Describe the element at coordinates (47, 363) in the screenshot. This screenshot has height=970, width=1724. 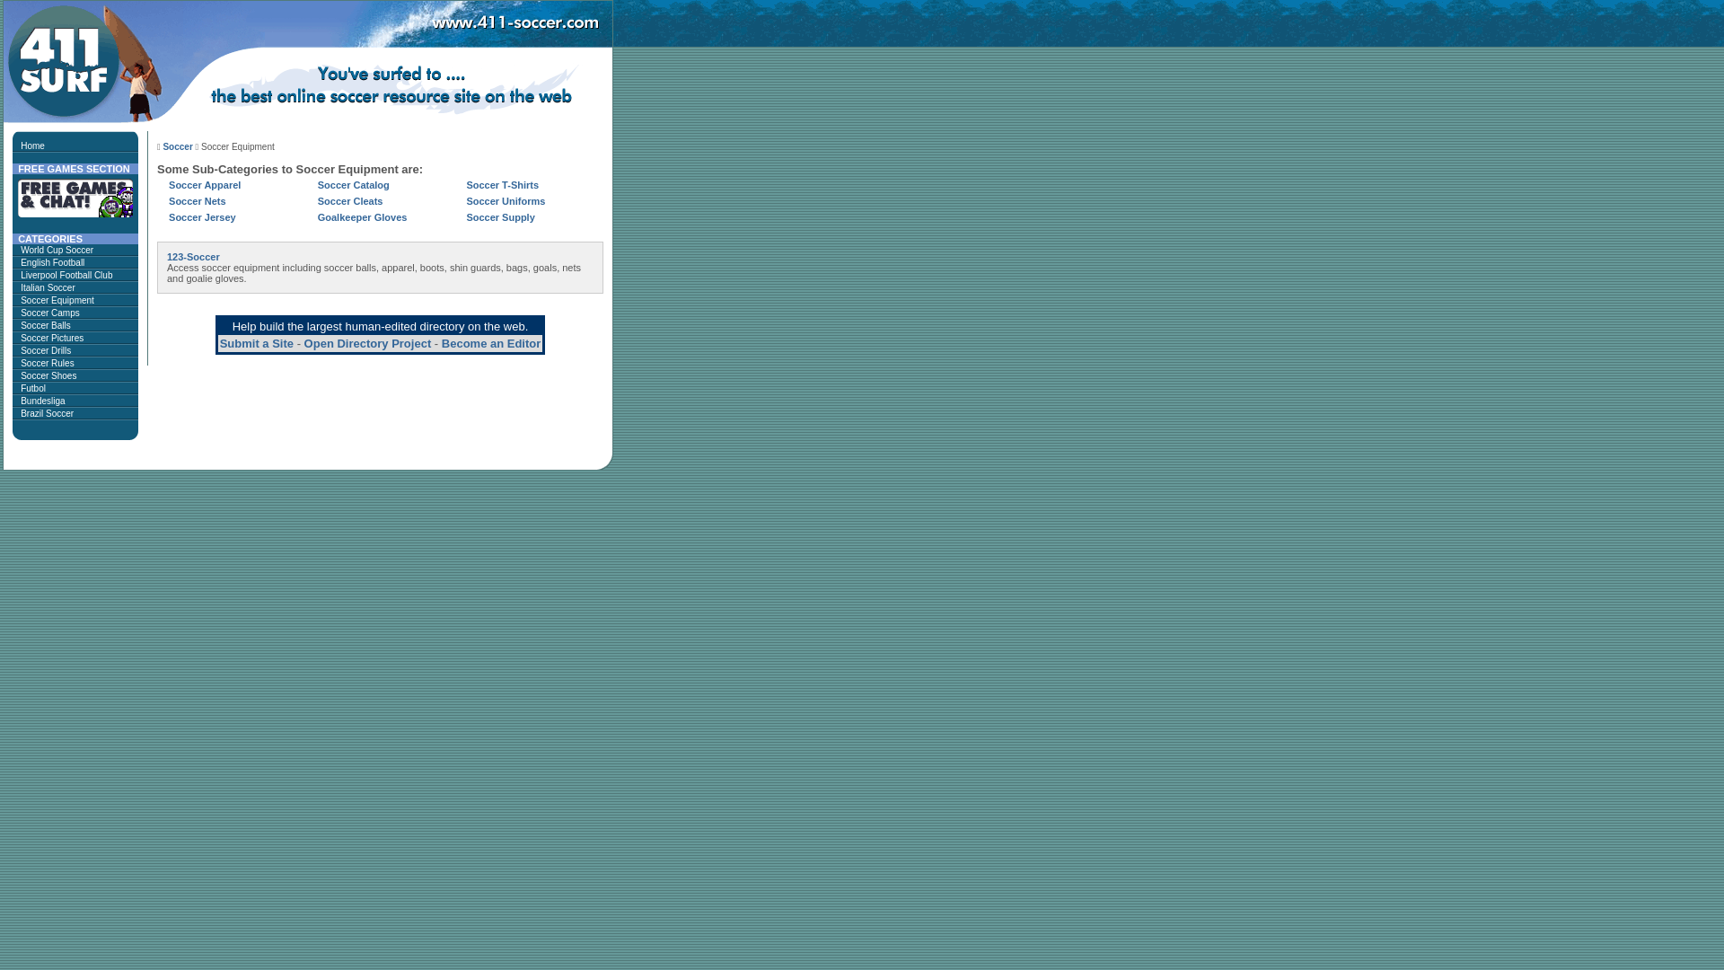
I see `'Soccer Rules'` at that location.